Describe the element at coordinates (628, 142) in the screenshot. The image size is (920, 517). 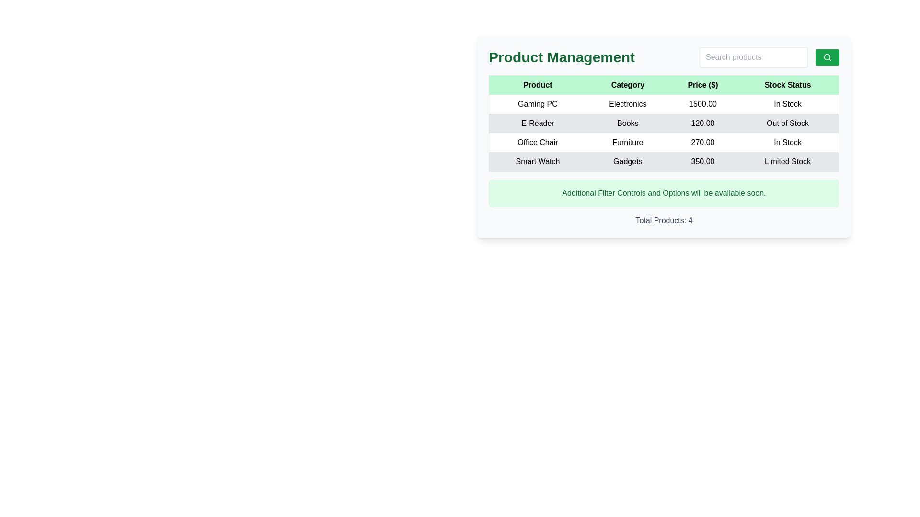
I see `the 'Category' text label for the product 'Office Chair', which is positioned in the second column of the grid layout, between the 'Product' and 'Price ($)' fields` at that location.